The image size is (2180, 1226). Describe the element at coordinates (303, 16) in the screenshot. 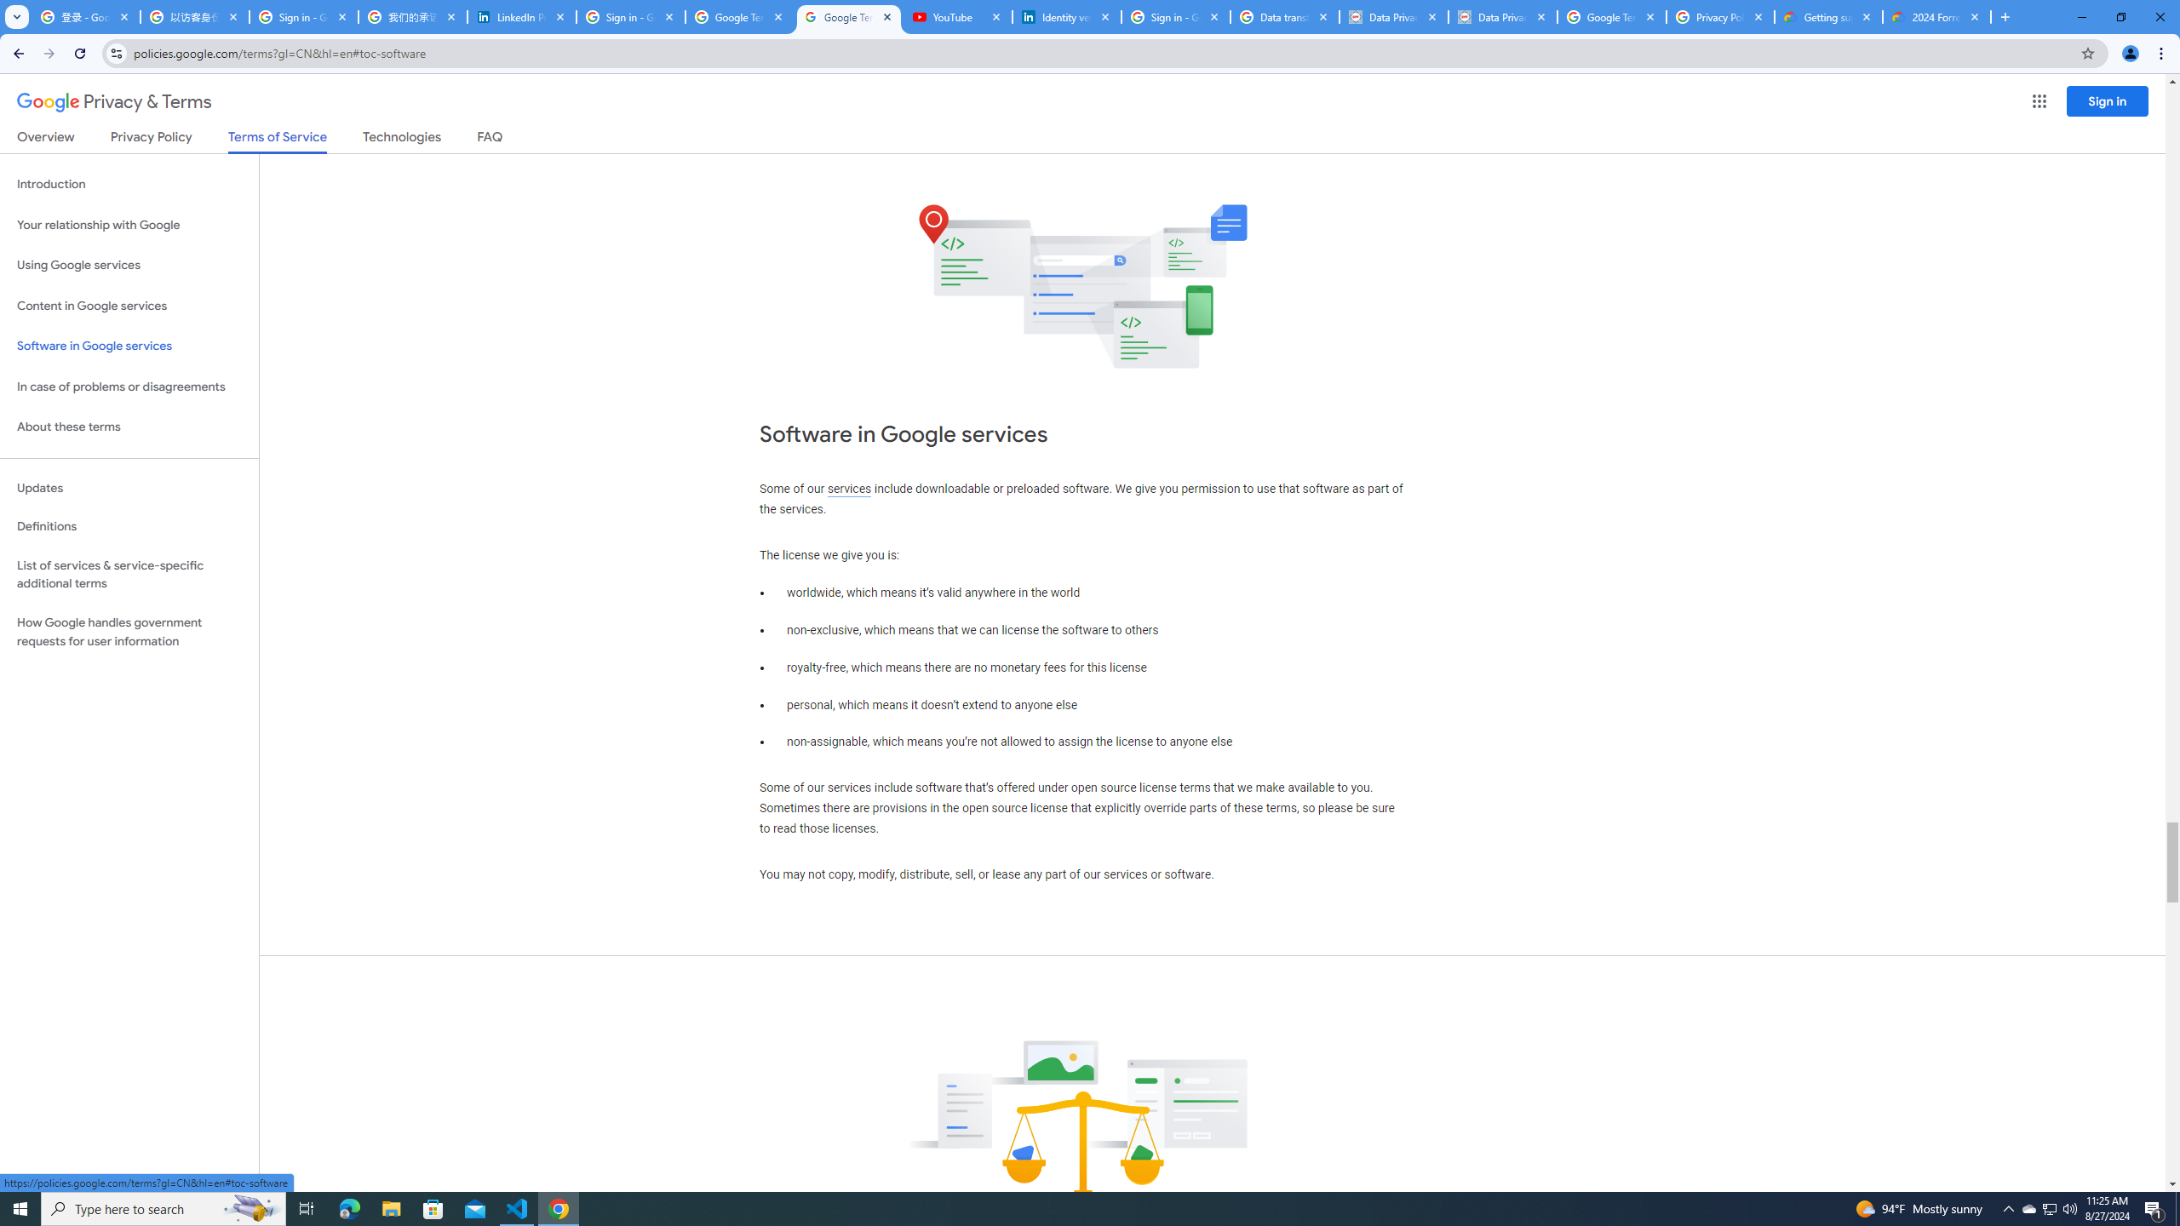

I see `'Sign in - Google Accounts'` at that location.